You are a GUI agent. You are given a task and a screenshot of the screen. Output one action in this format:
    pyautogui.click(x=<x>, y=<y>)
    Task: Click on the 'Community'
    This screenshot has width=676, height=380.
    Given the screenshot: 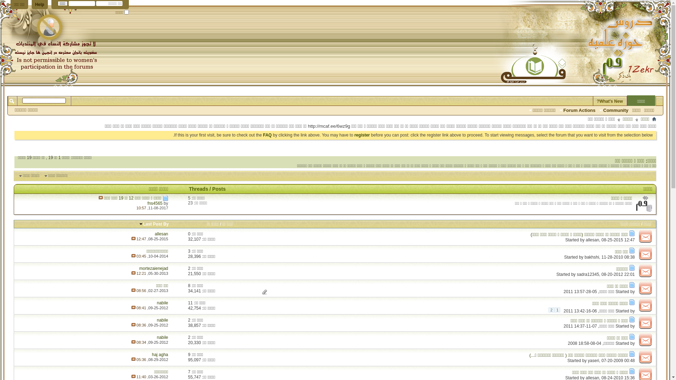 What is the action you would take?
    pyautogui.click(x=613, y=110)
    